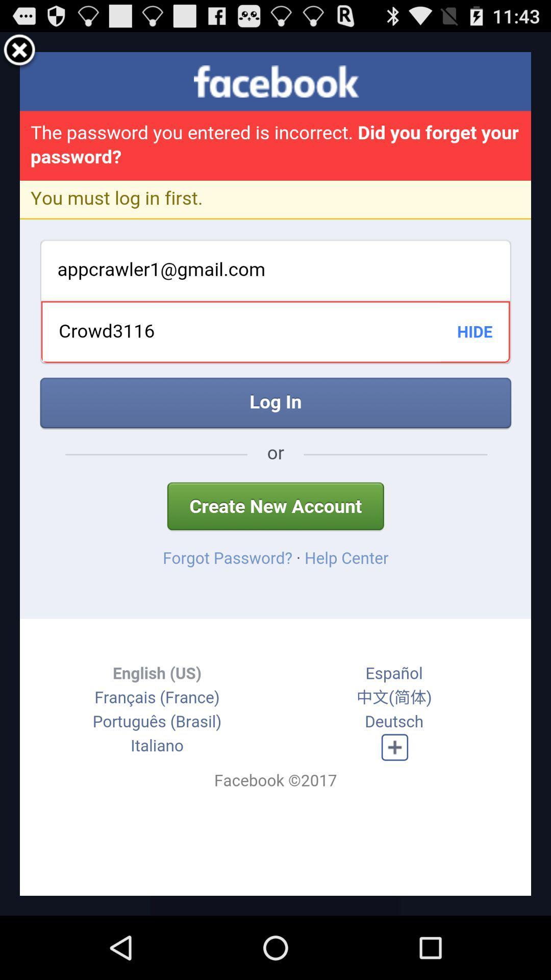 This screenshot has height=980, width=551. Describe the element at coordinates (19, 55) in the screenshot. I see `the close icon` at that location.